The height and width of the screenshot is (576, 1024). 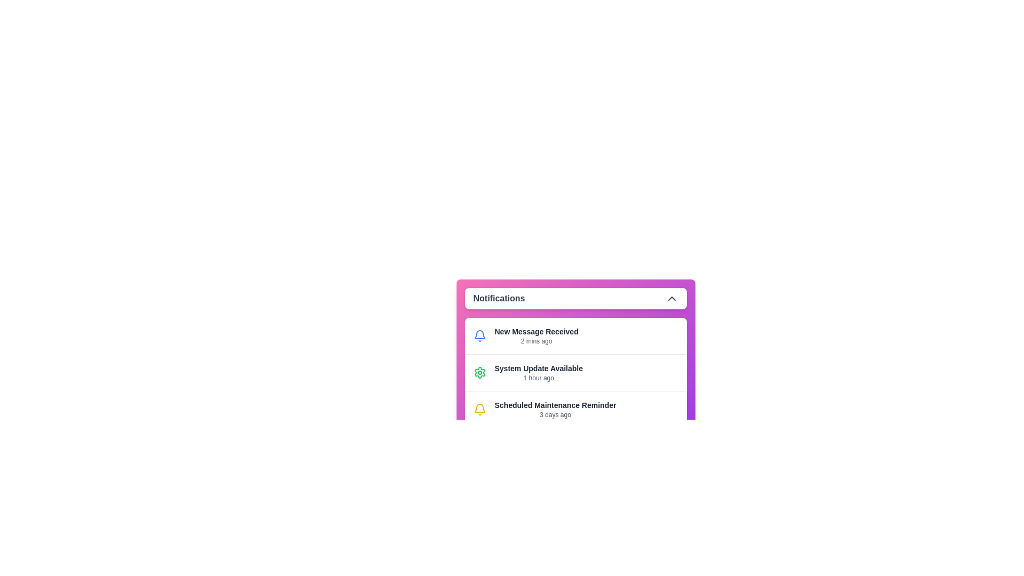 What do you see at coordinates (575, 447) in the screenshot?
I see `the button that allows users` at bounding box center [575, 447].